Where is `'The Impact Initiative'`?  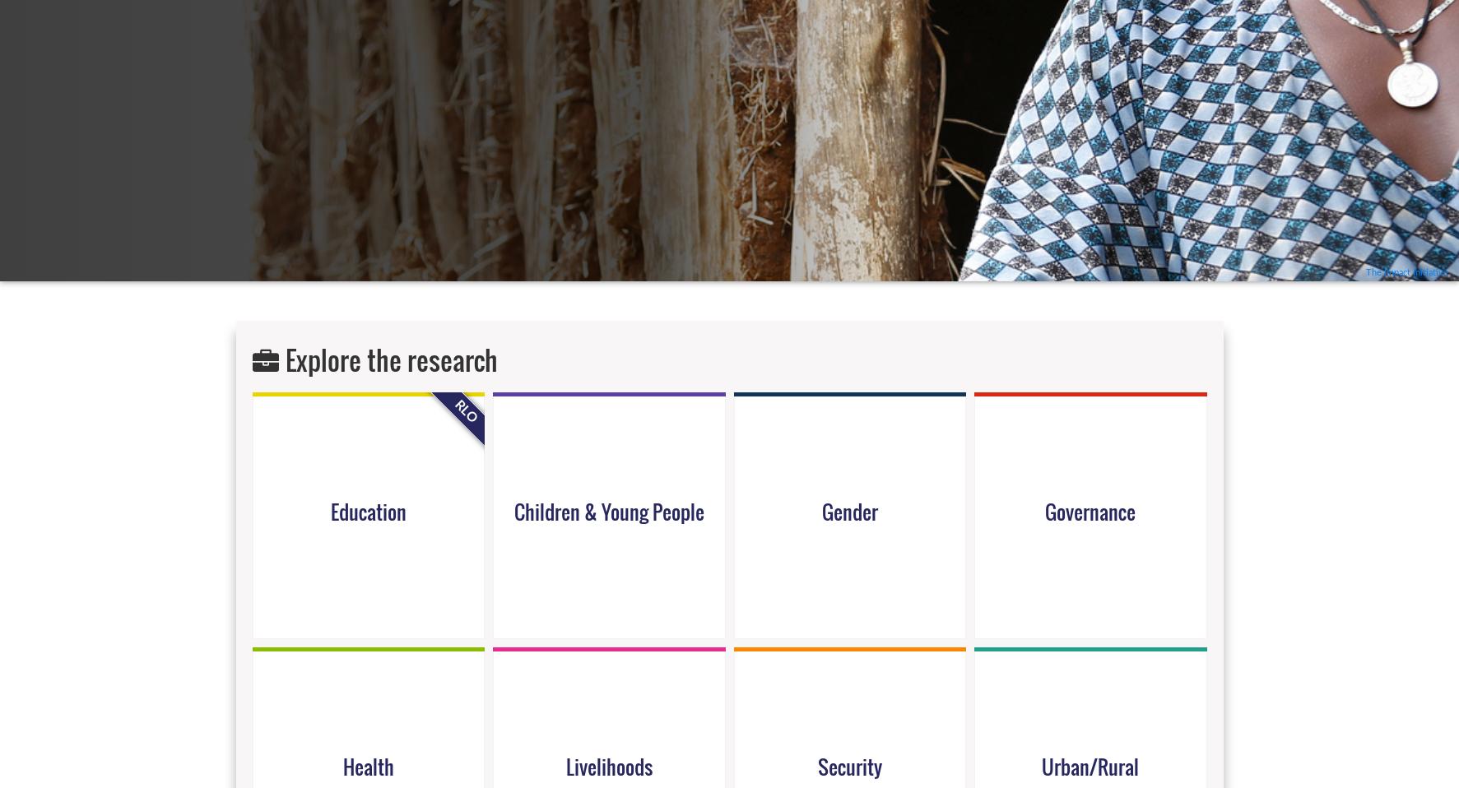
'The Impact Initiative' is located at coordinates (1408, 271).